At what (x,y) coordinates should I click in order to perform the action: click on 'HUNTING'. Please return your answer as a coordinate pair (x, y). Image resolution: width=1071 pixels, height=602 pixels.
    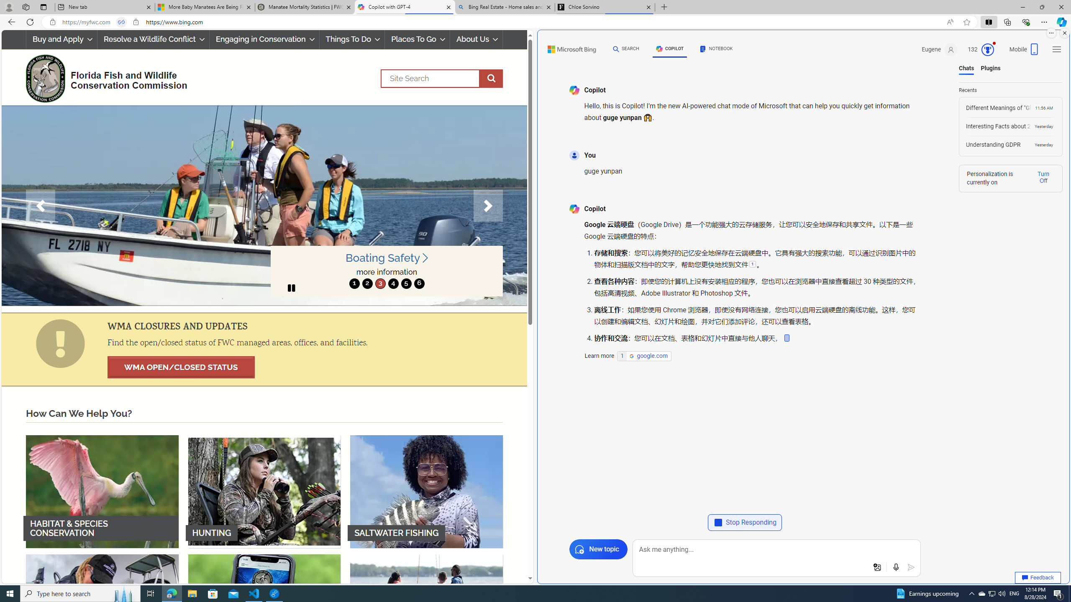
    Looking at the image, I should click on (264, 491).